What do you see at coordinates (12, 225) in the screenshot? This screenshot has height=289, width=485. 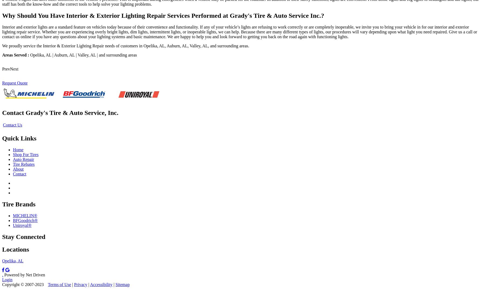 I see `'Uniroyal®'` at bounding box center [12, 225].